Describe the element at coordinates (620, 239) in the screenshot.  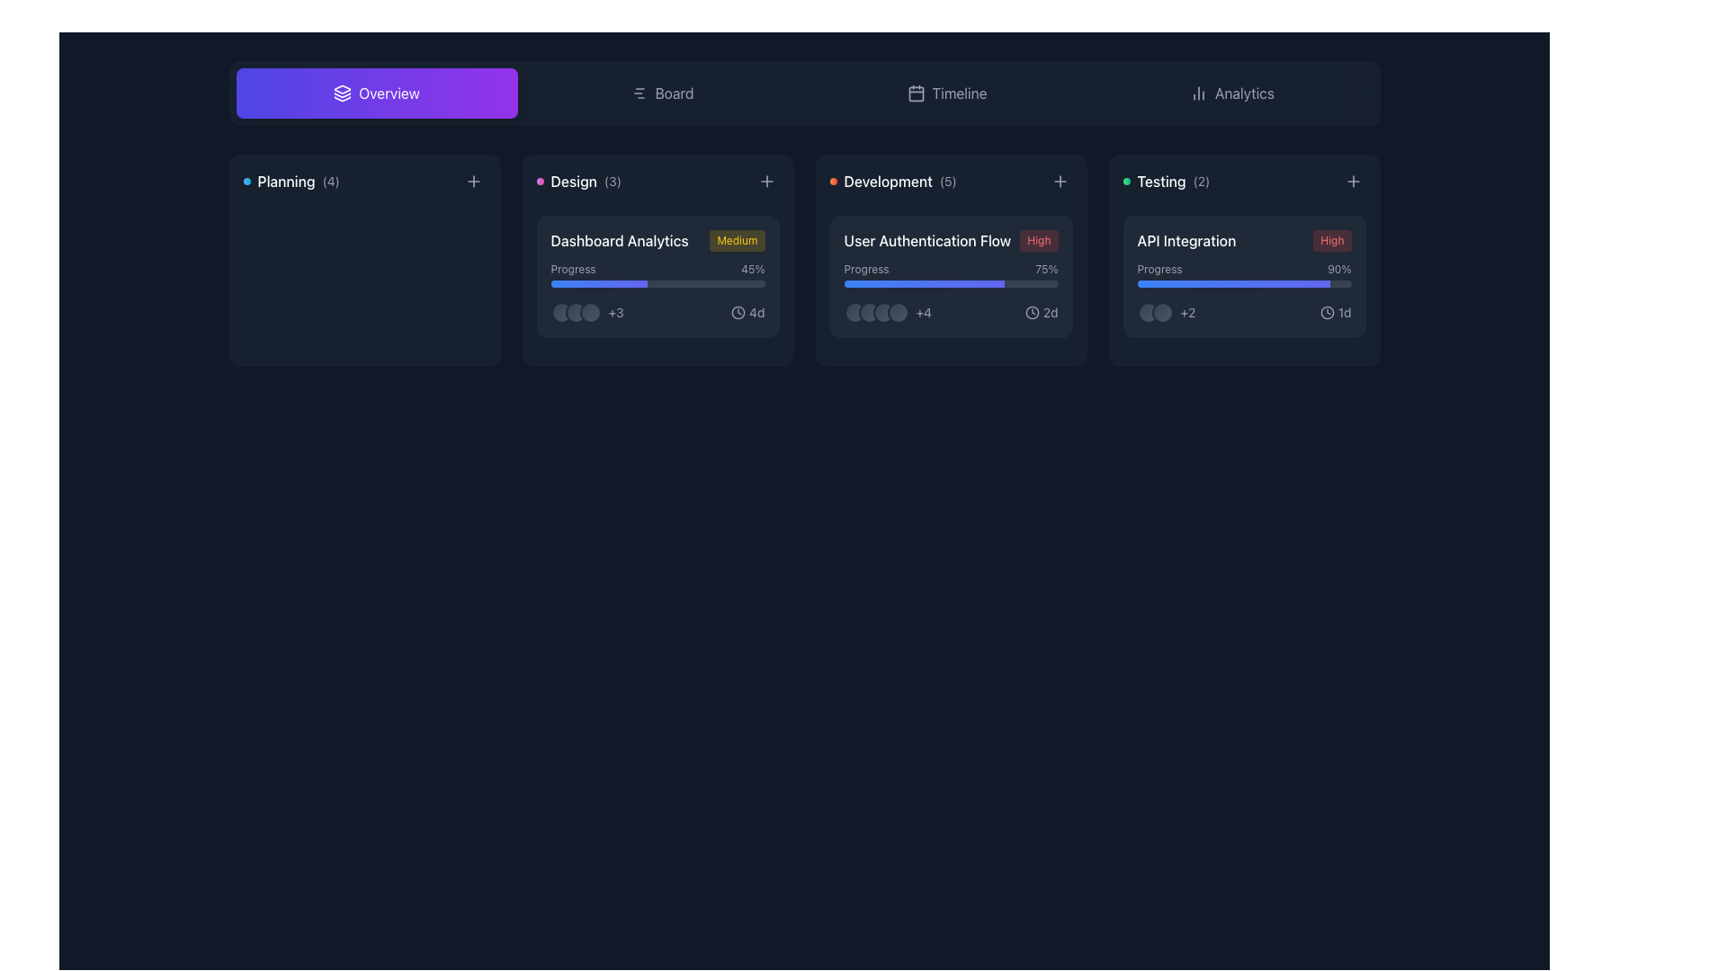
I see `text properties of the 'Dashboard Analytics' title label located in the 'Design' section of the dashboard interface, which is positioned at the top-left segment of a rectangular card` at that location.